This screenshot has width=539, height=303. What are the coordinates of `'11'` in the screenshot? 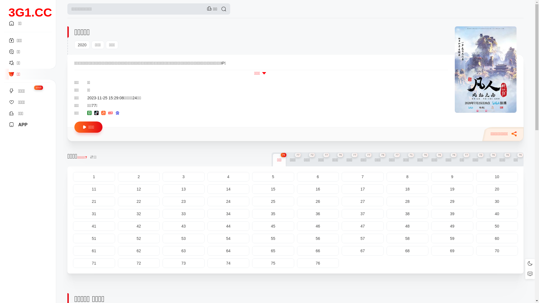 It's located at (94, 189).